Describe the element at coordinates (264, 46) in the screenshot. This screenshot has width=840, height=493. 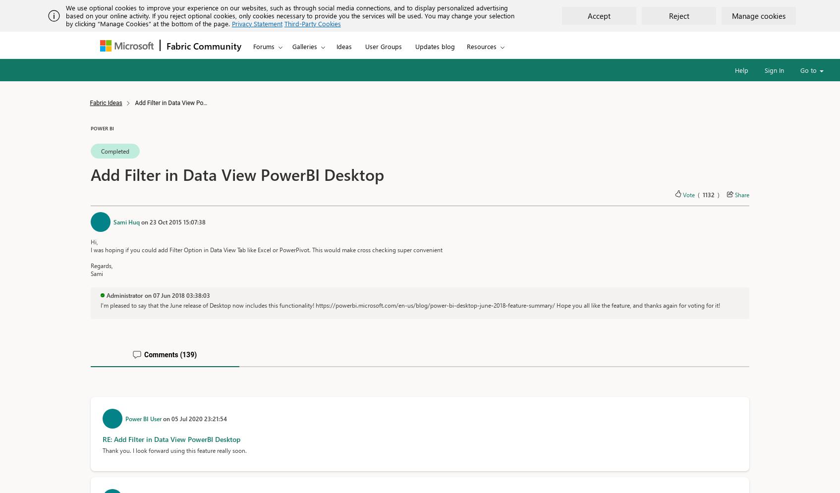
I see `'Forums'` at that location.